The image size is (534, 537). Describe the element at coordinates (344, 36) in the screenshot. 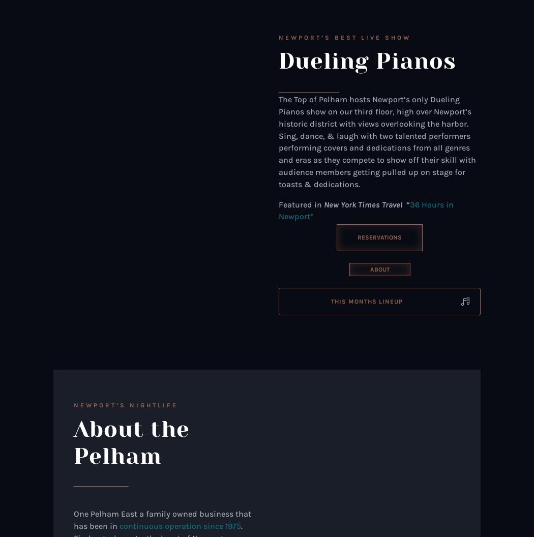

I see `'Newport’s Best Live Show'` at that location.